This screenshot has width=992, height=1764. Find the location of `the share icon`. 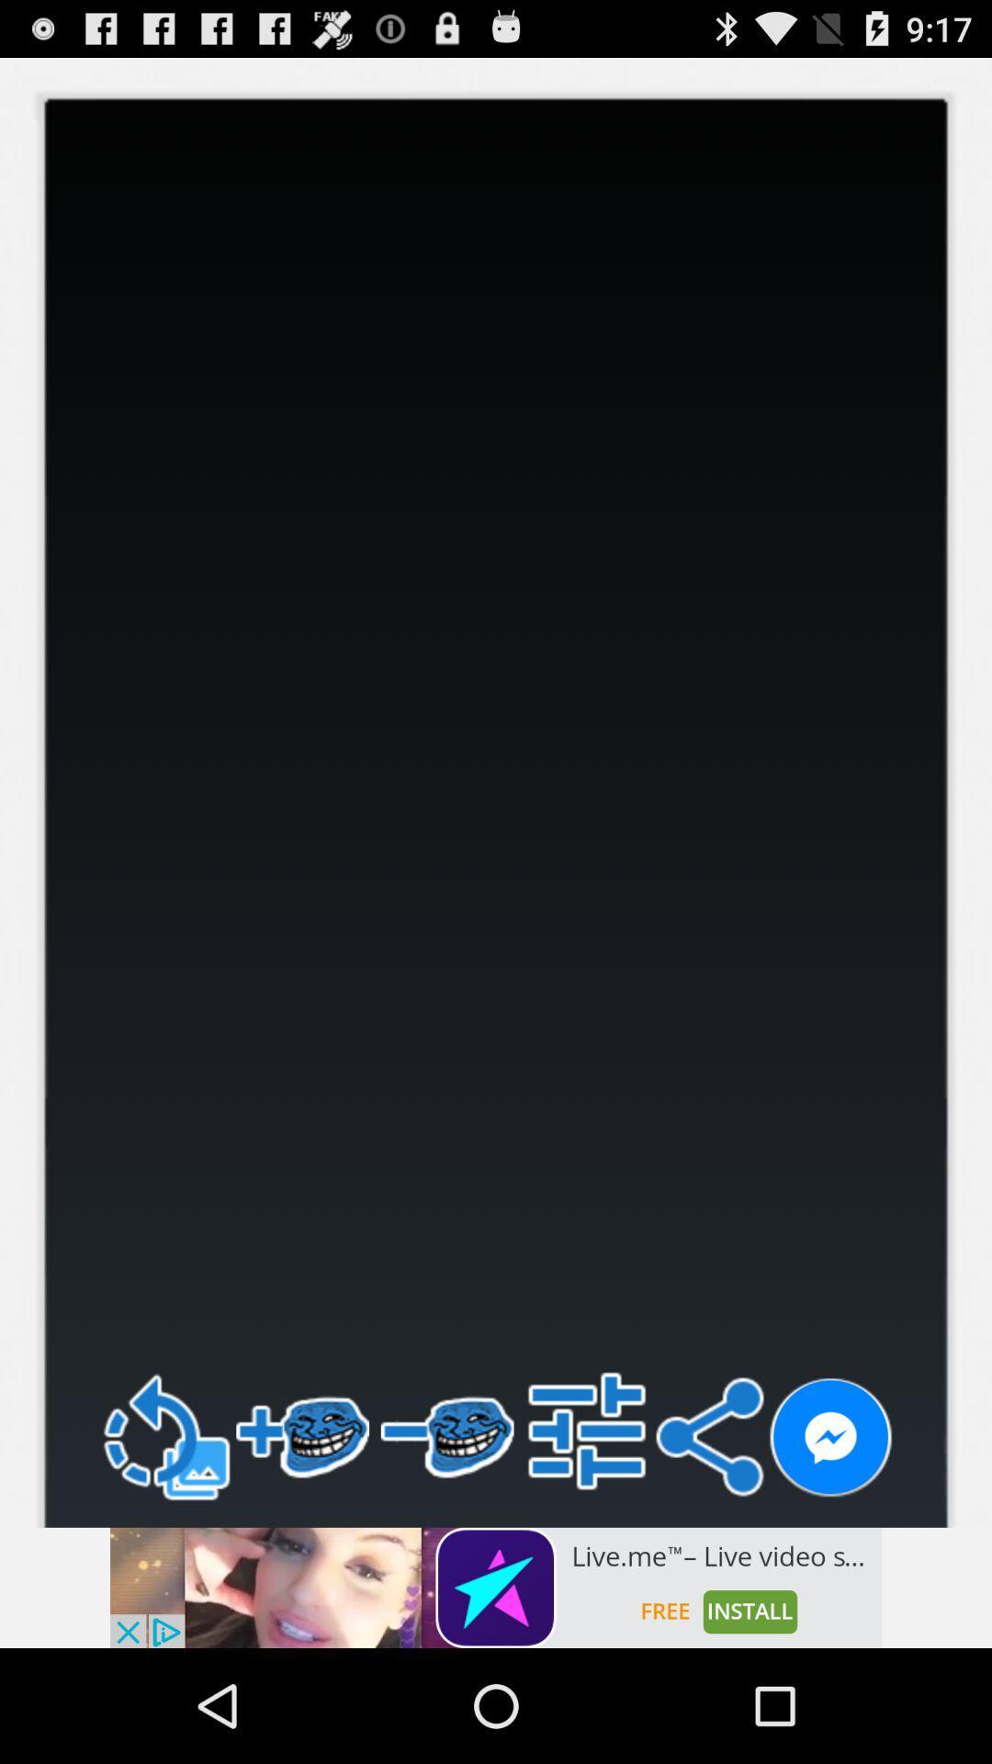

the share icon is located at coordinates (708, 1538).